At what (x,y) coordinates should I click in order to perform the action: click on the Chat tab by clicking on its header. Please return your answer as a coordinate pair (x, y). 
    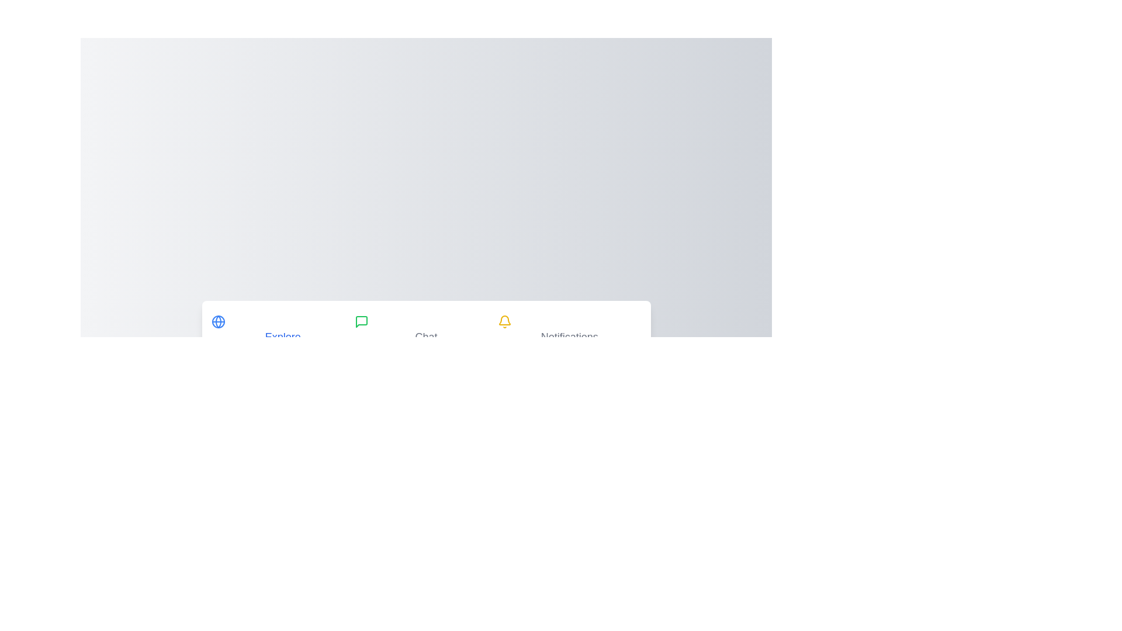
    Looking at the image, I should click on (425, 331).